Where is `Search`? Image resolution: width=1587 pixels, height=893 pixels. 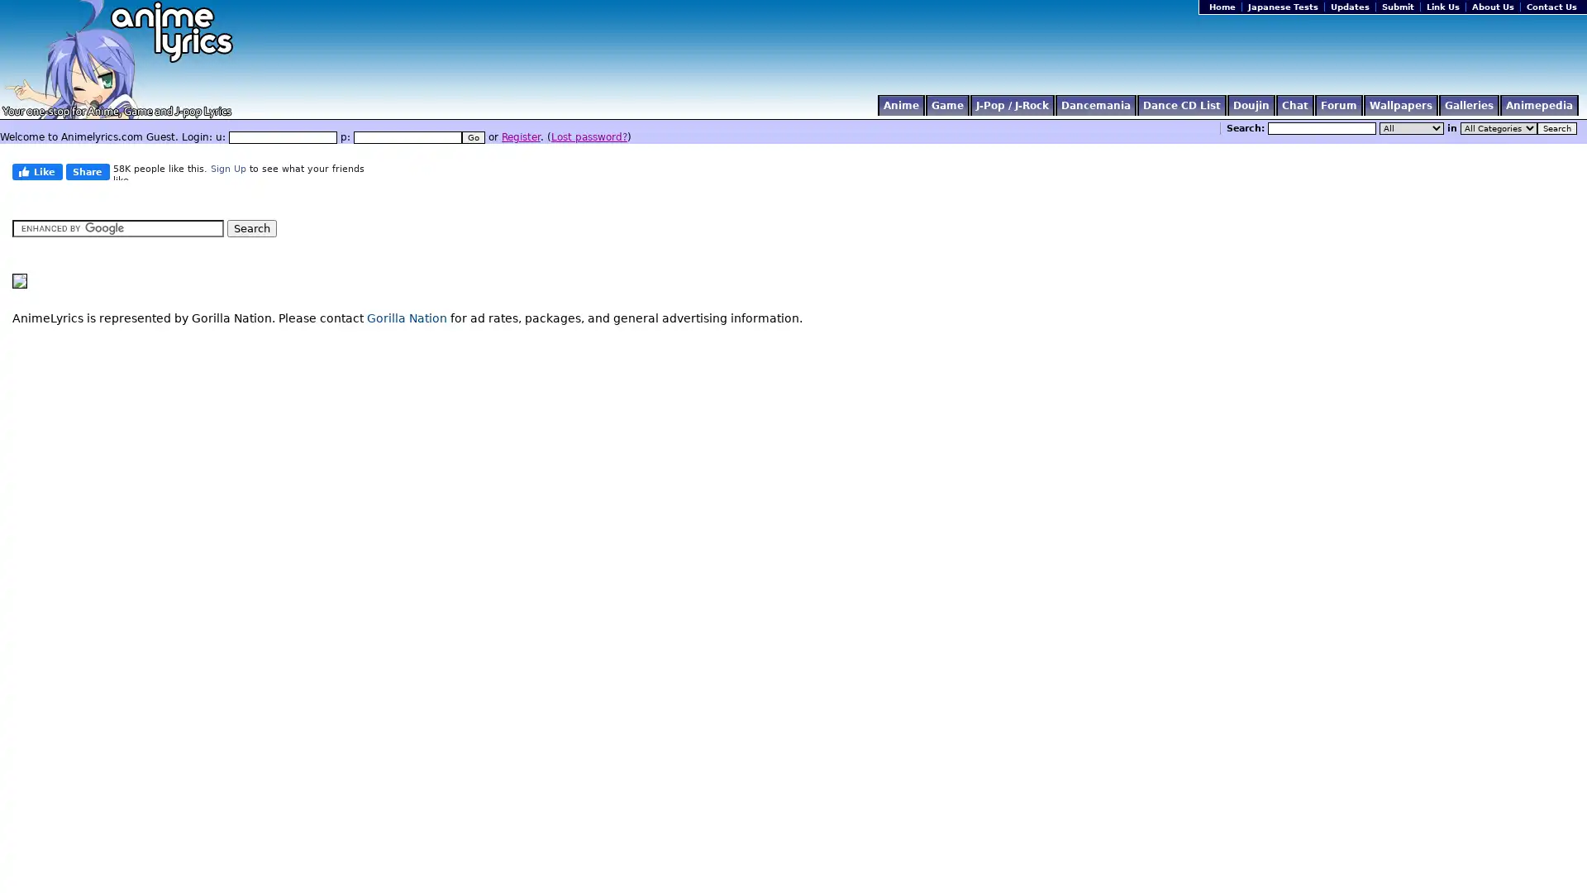
Search is located at coordinates (1556, 127).